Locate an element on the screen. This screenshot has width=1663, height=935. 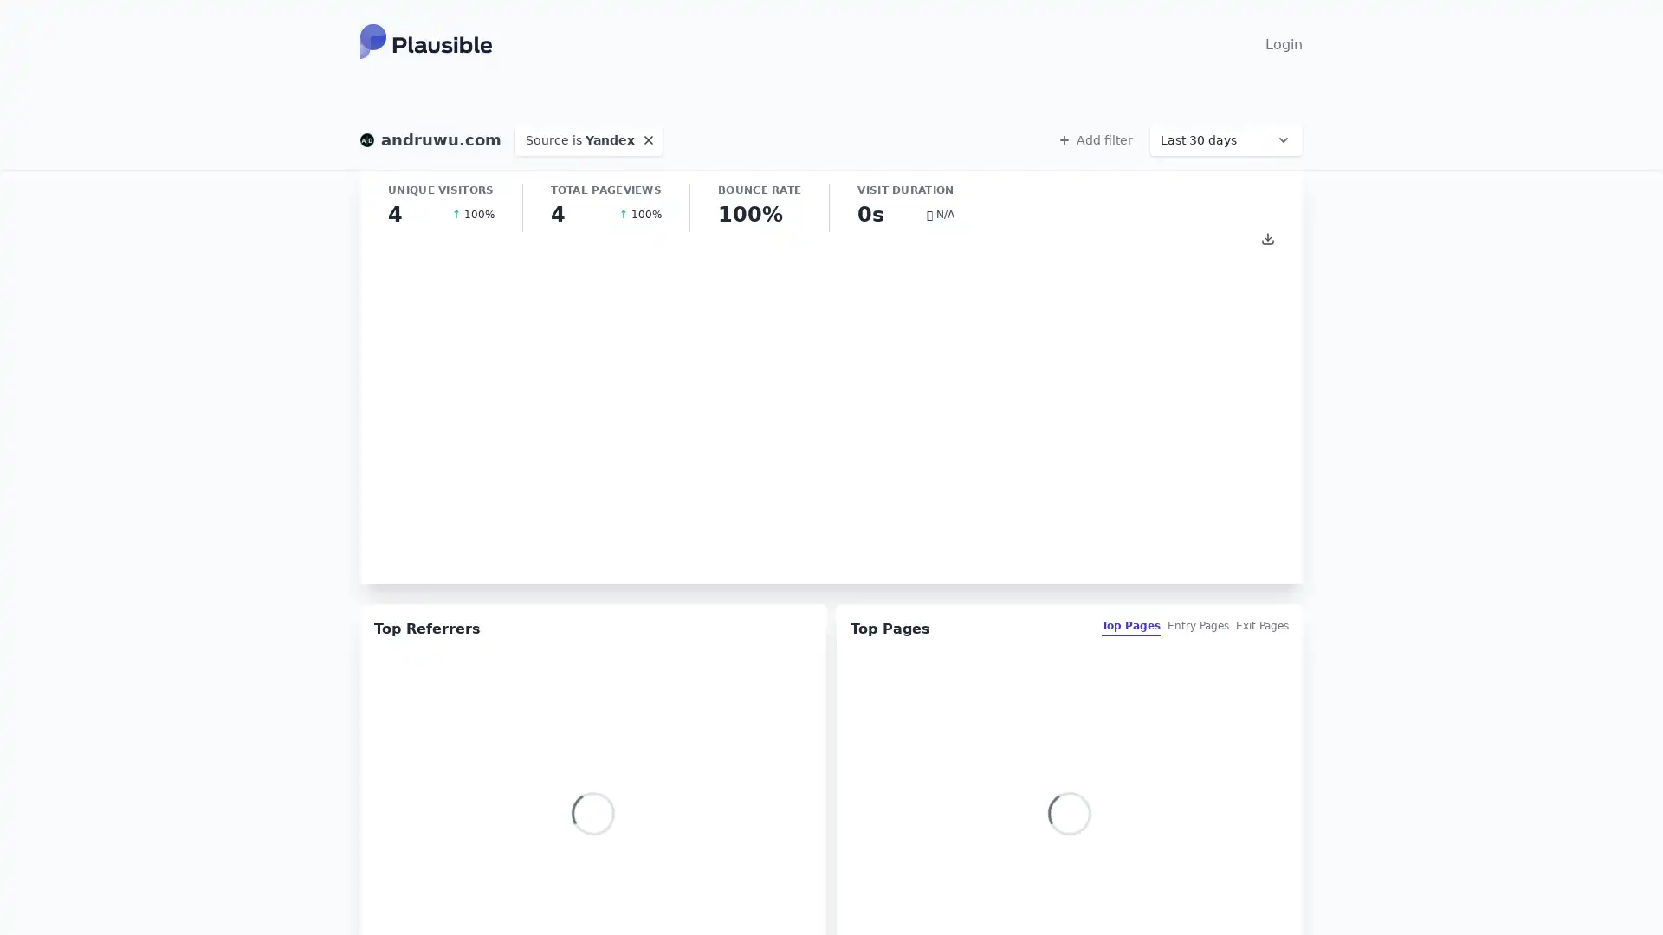
andruwu.com is located at coordinates (430, 139).